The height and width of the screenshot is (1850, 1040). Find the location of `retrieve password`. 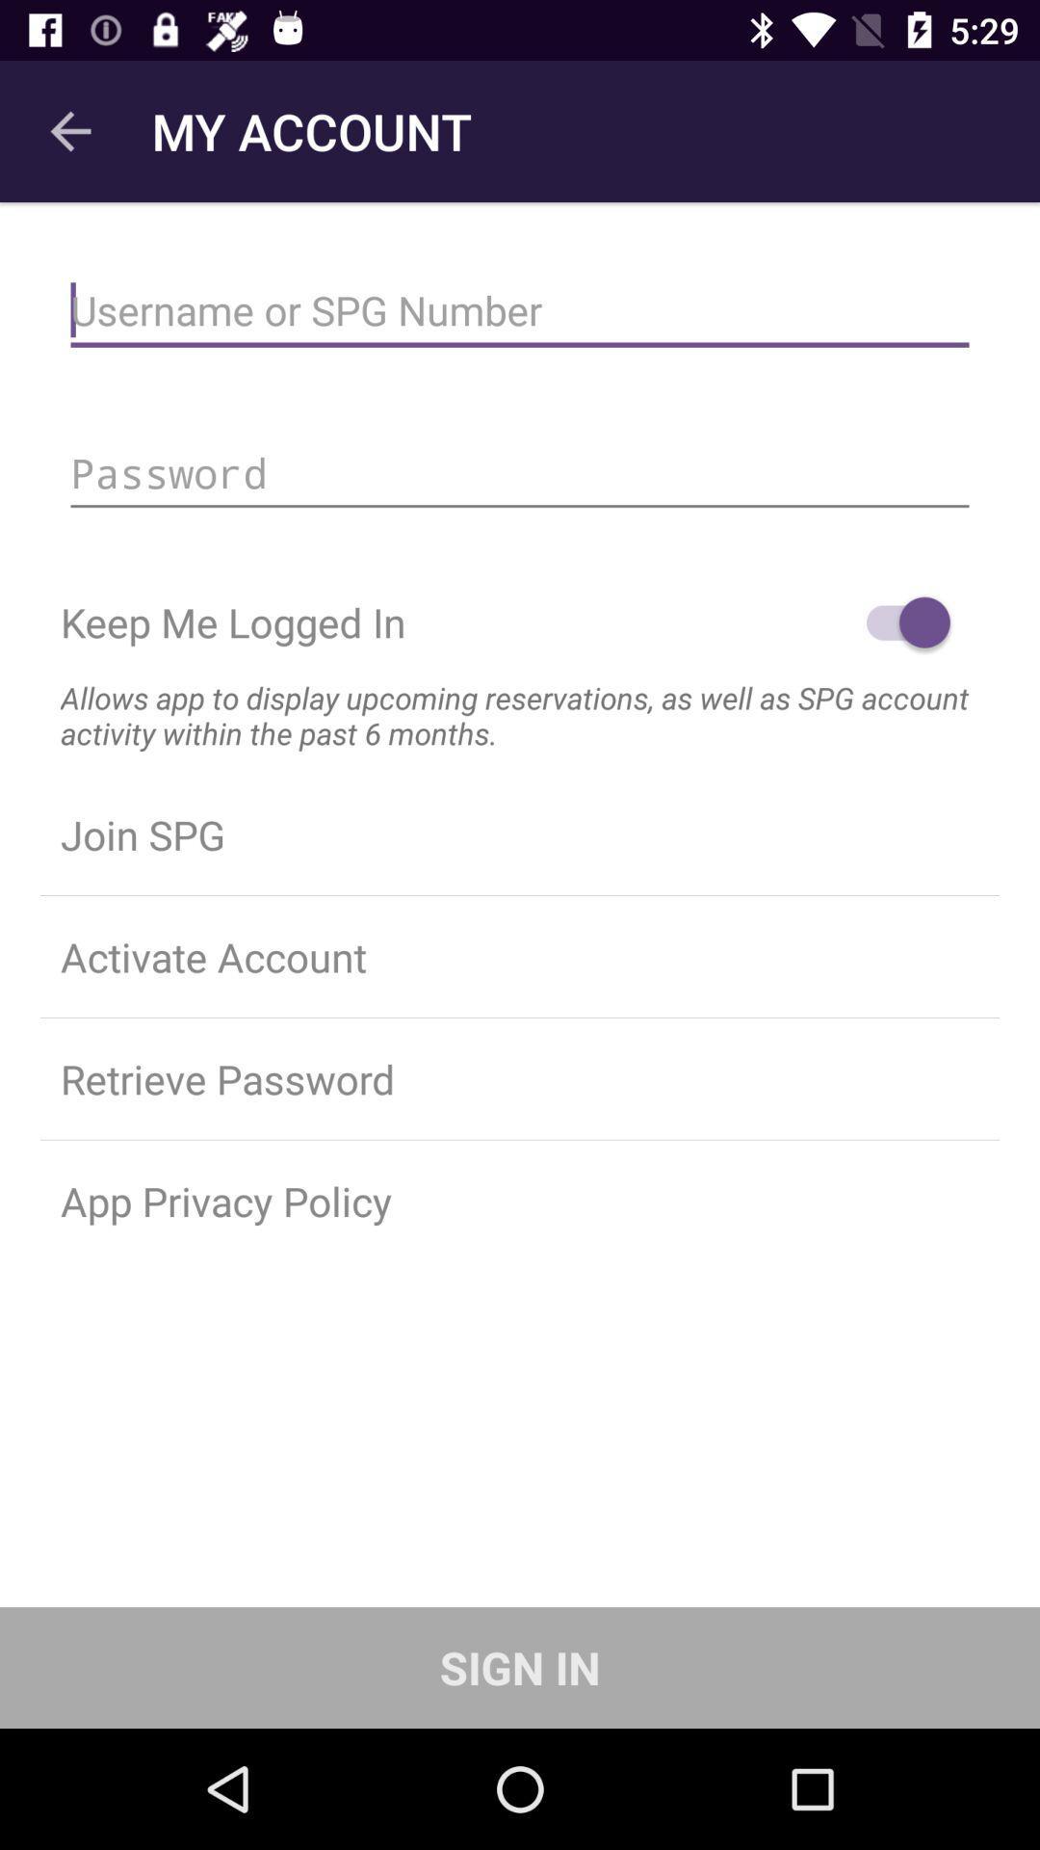

retrieve password is located at coordinates (520, 1077).